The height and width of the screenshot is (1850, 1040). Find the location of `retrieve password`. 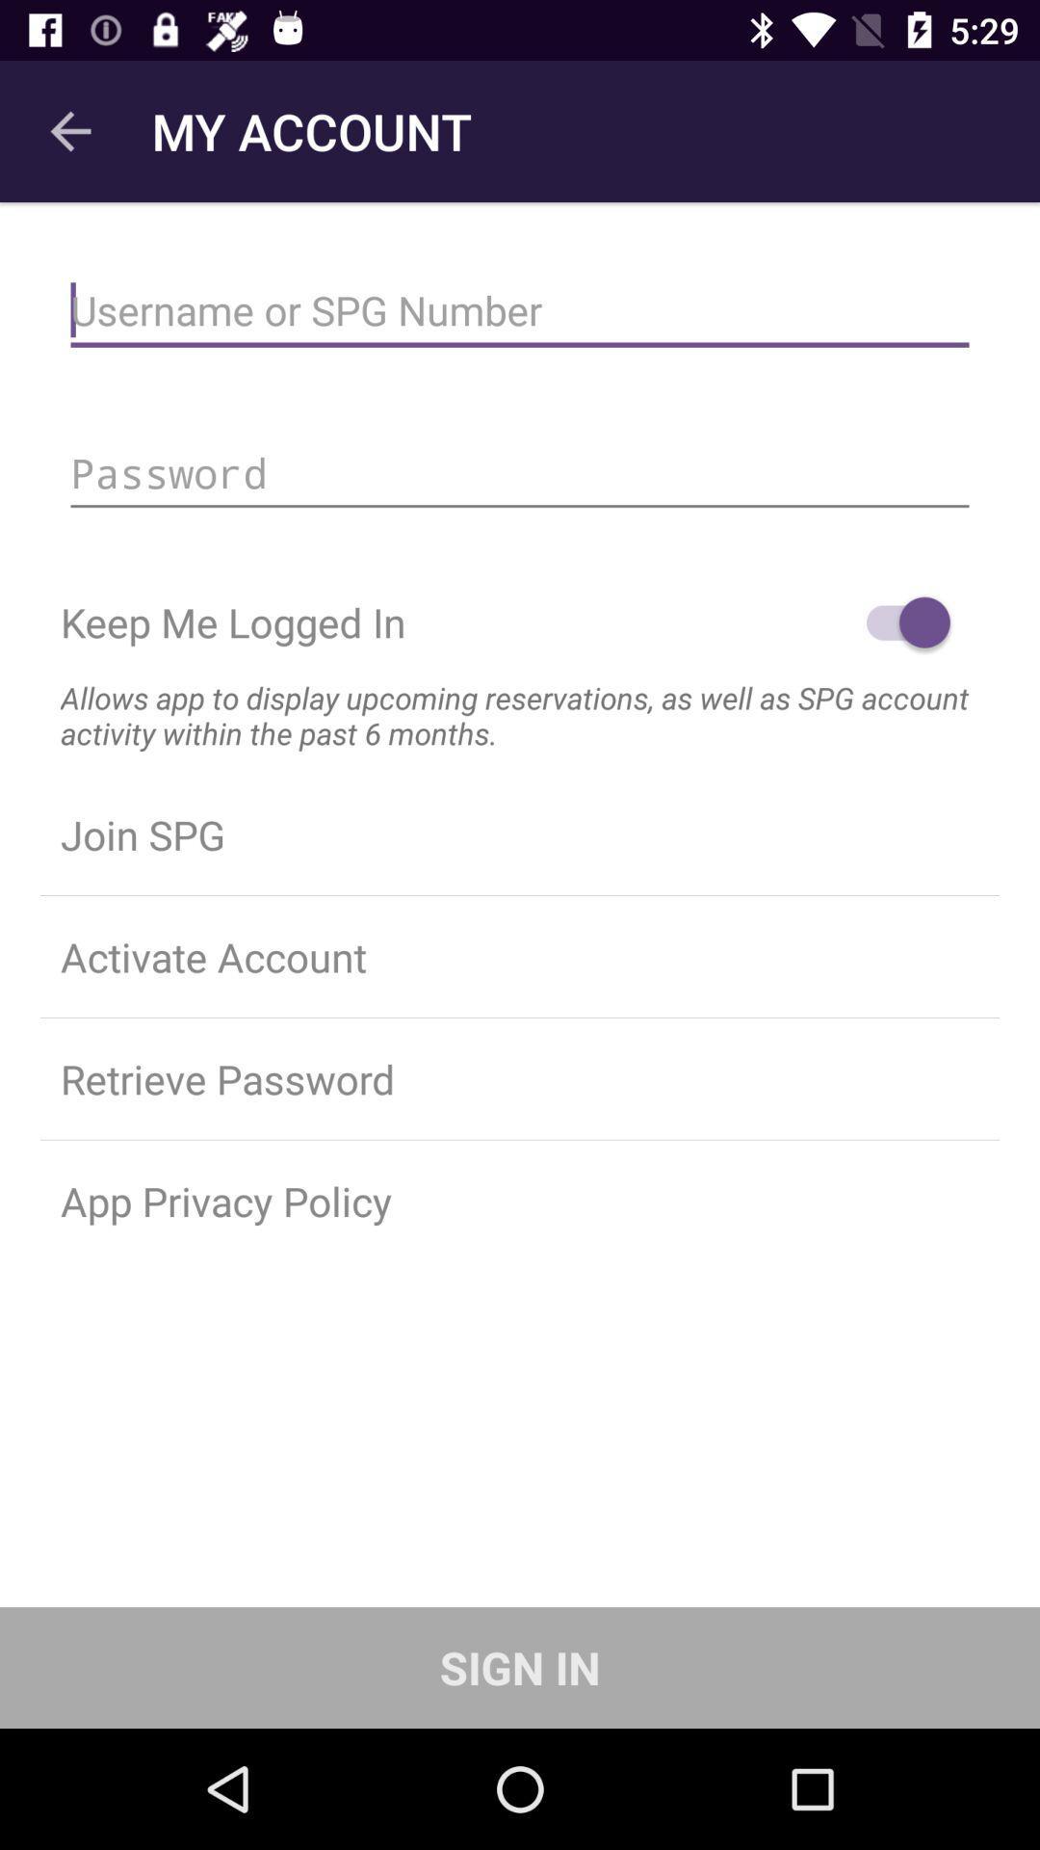

retrieve password is located at coordinates (520, 1077).